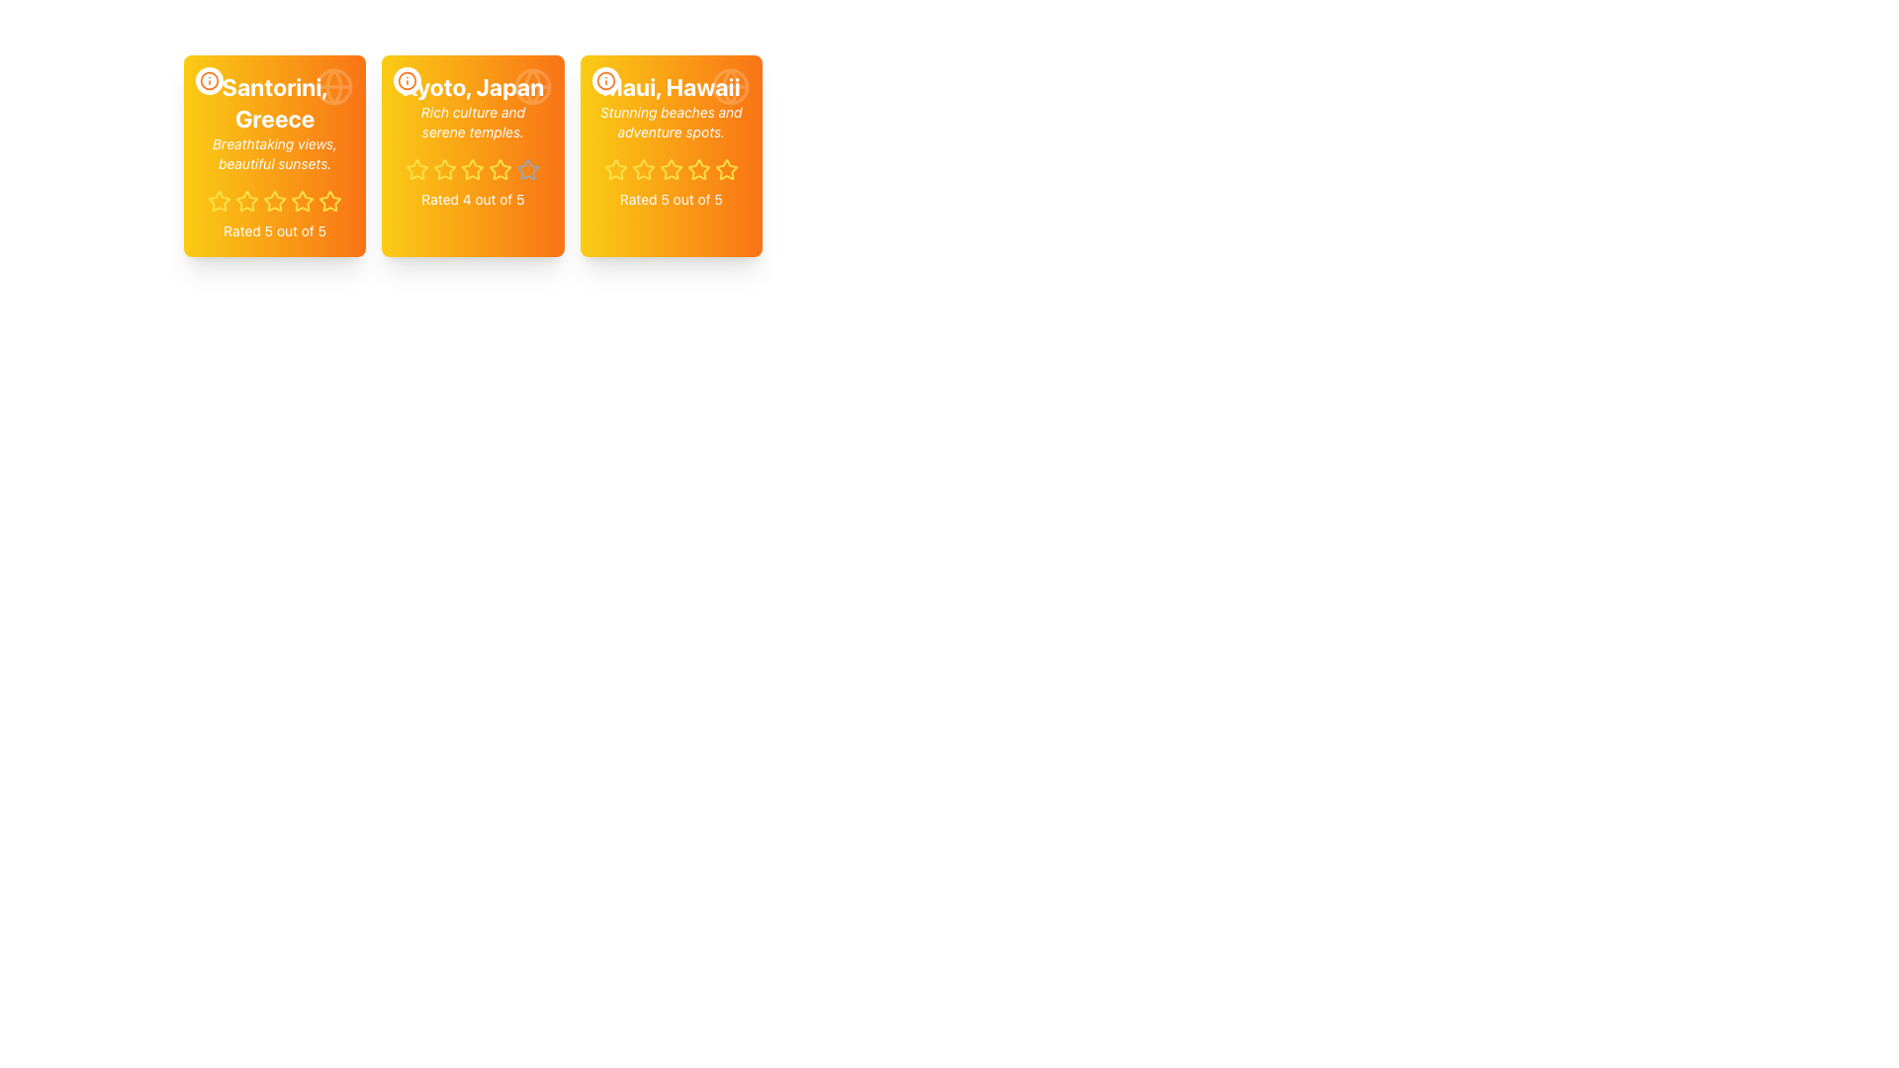  I want to click on the fourth star-shaped rating icon filled with golden yellow color, located within the 'Kyoto, Japan' card, so click(472, 169).